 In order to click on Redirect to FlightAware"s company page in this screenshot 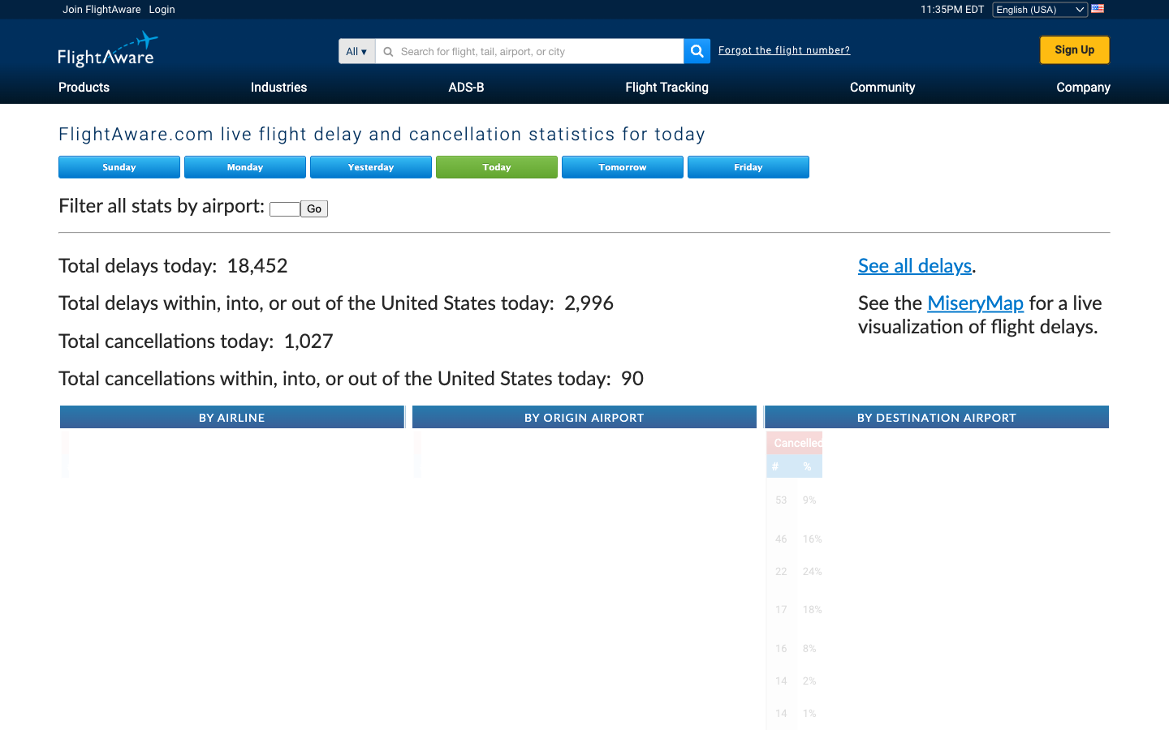, I will do `click(1082, 84)`.